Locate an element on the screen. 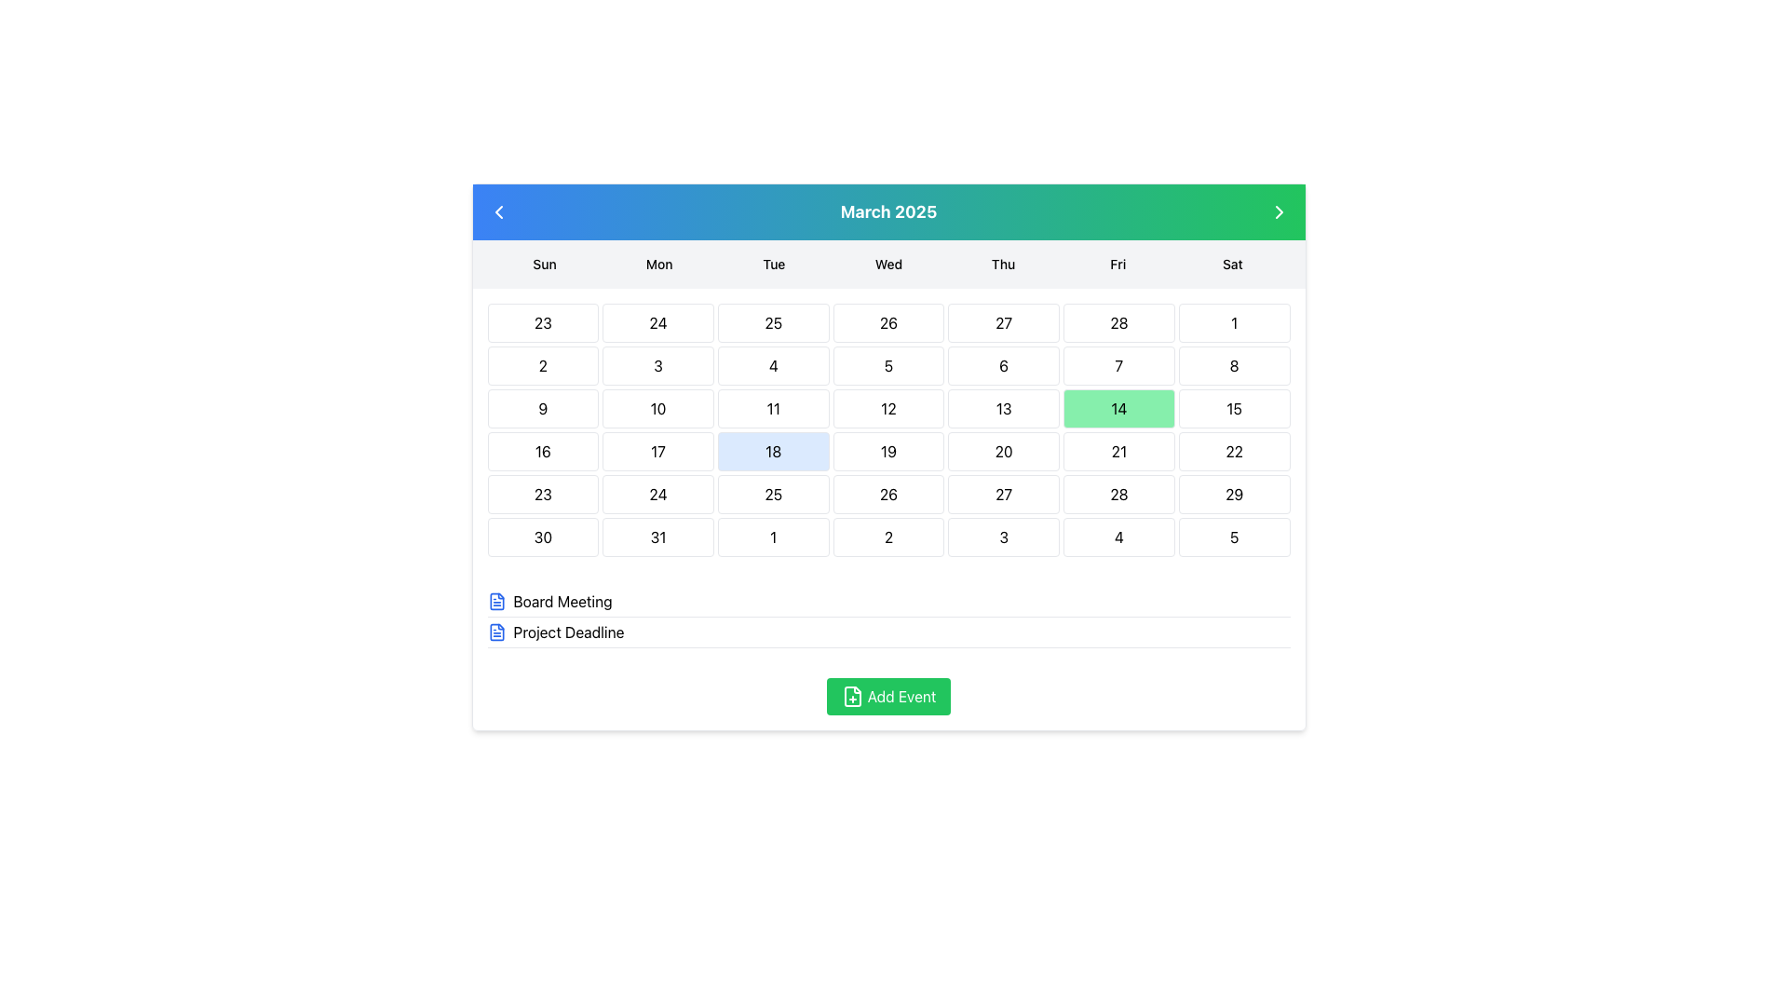  the interactive calendar date box displaying the number '12' is located at coordinates (887, 408).